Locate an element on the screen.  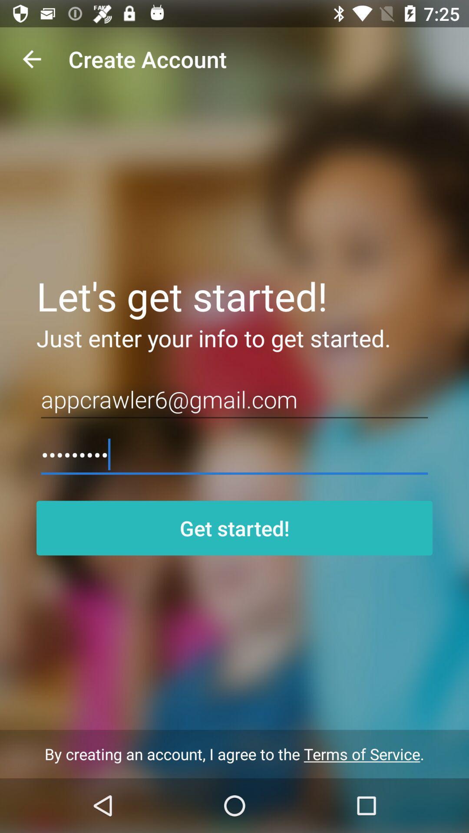
icon above let s get is located at coordinates (31, 59).